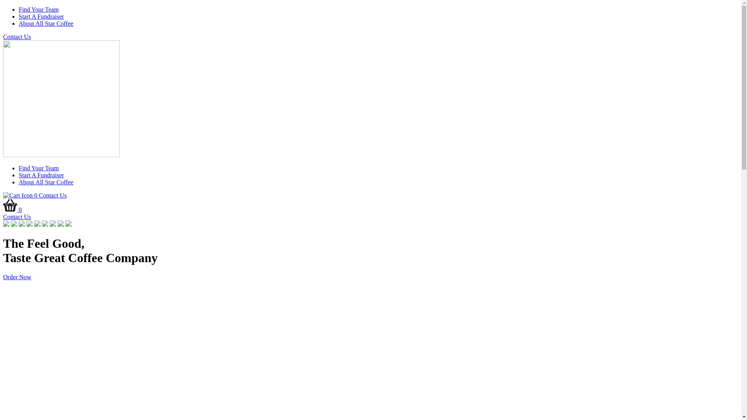 The width and height of the screenshot is (747, 420). Describe the element at coordinates (46, 23) in the screenshot. I see `'About All Star Coffee'` at that location.